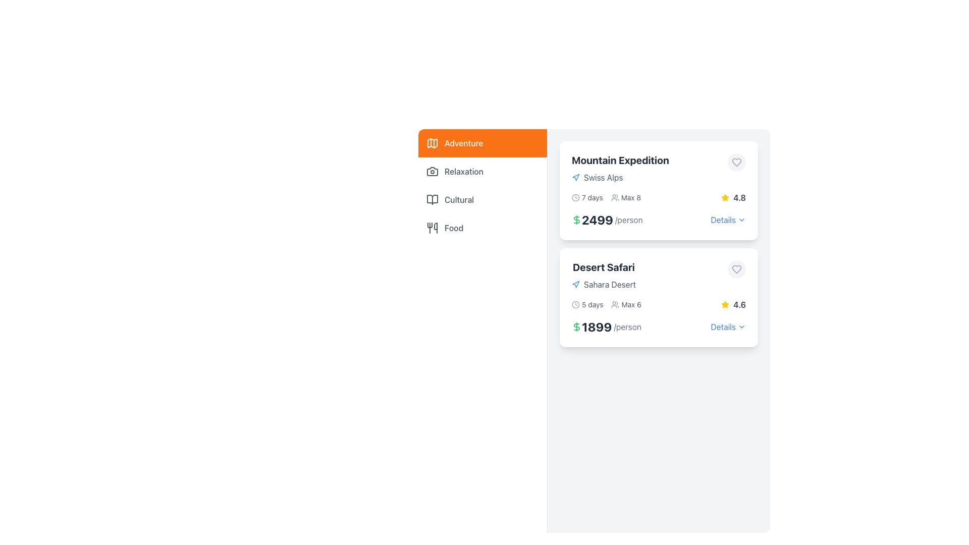  I want to click on the 'Adventure' text label, which is styled in white on an orange background and serves as a menu item in the vertical menu on the left side of the interface, so click(463, 143).